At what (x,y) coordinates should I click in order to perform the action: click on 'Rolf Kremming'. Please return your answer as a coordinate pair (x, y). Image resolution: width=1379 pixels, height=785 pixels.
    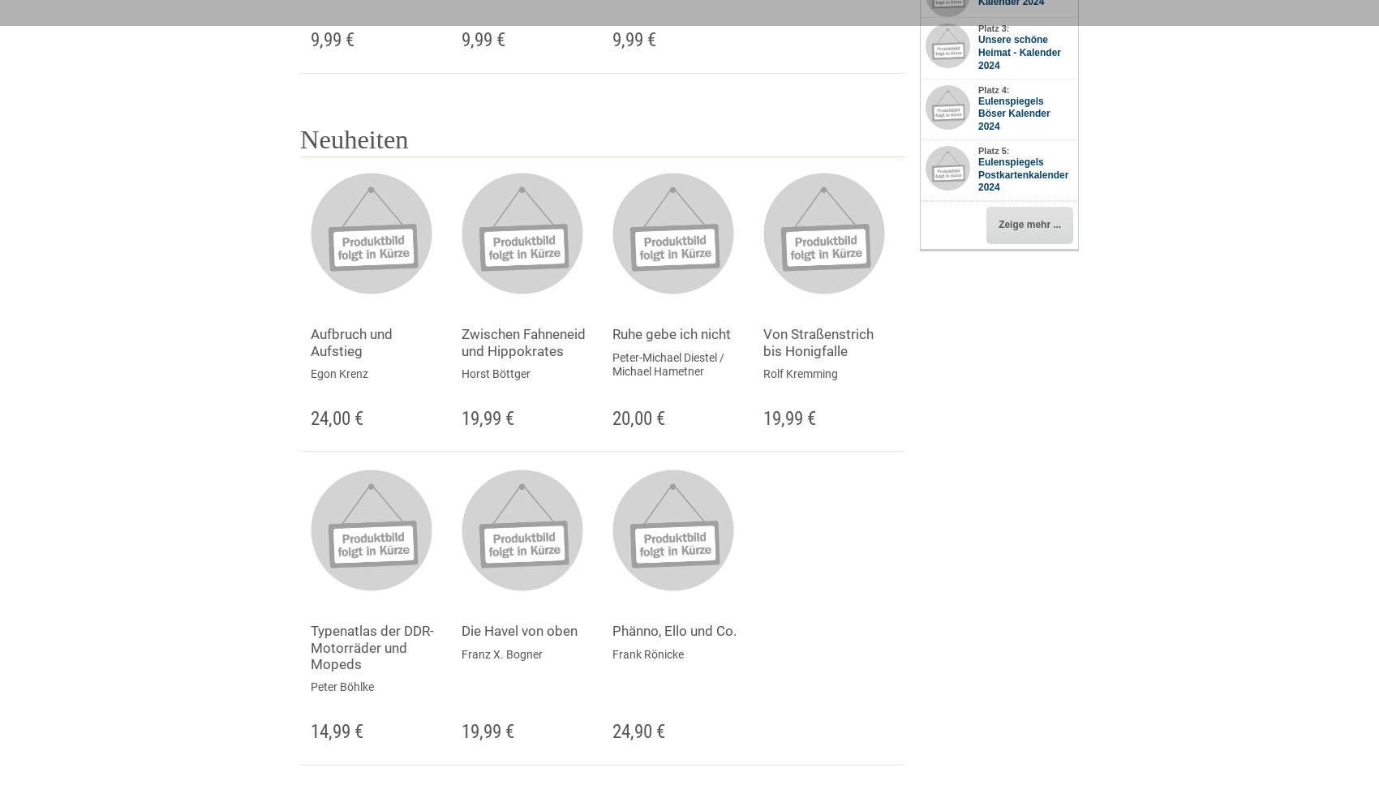
    Looking at the image, I should click on (800, 371).